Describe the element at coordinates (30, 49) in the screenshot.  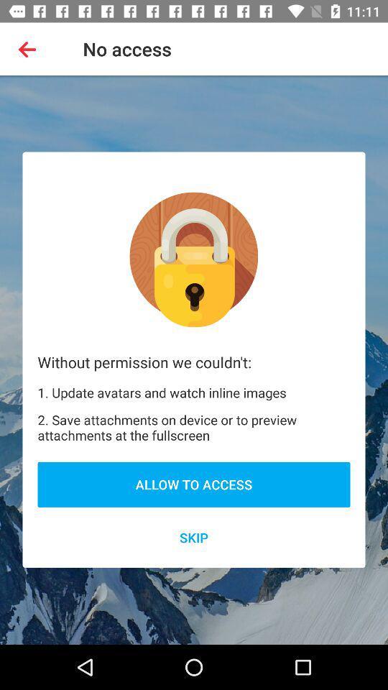
I see `app to the left of the no access item` at that location.